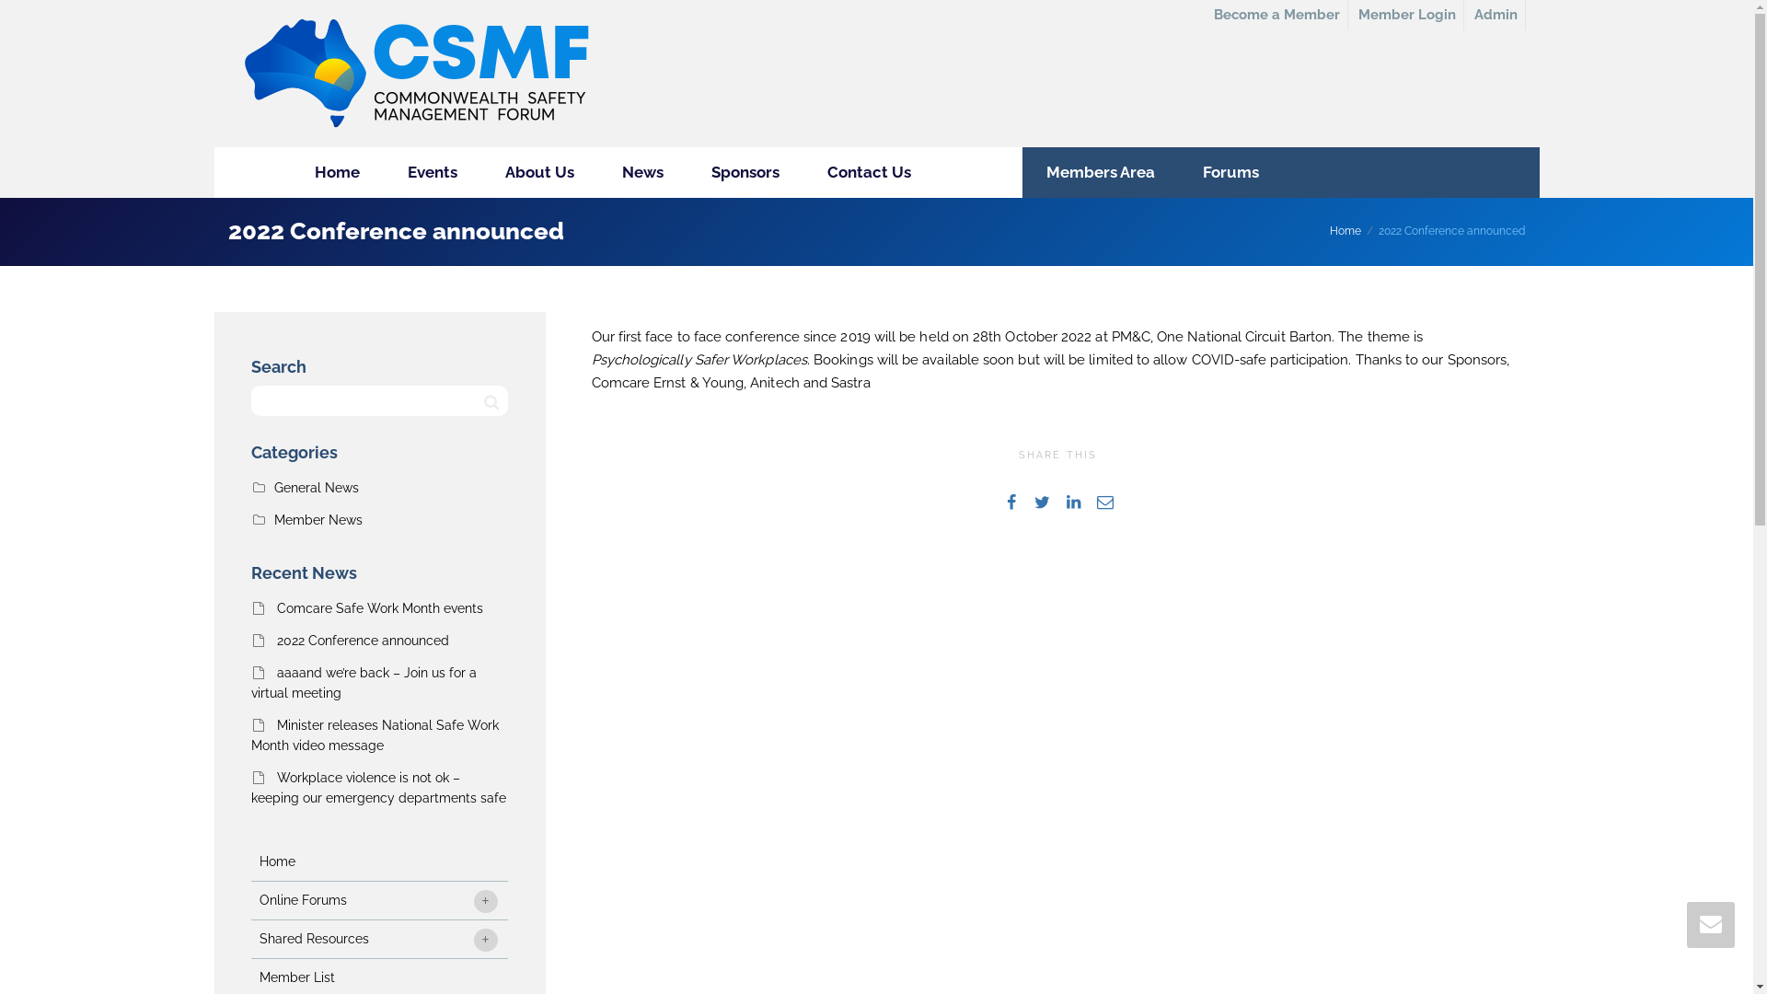  I want to click on 'Become a Member', so click(1276, 15).